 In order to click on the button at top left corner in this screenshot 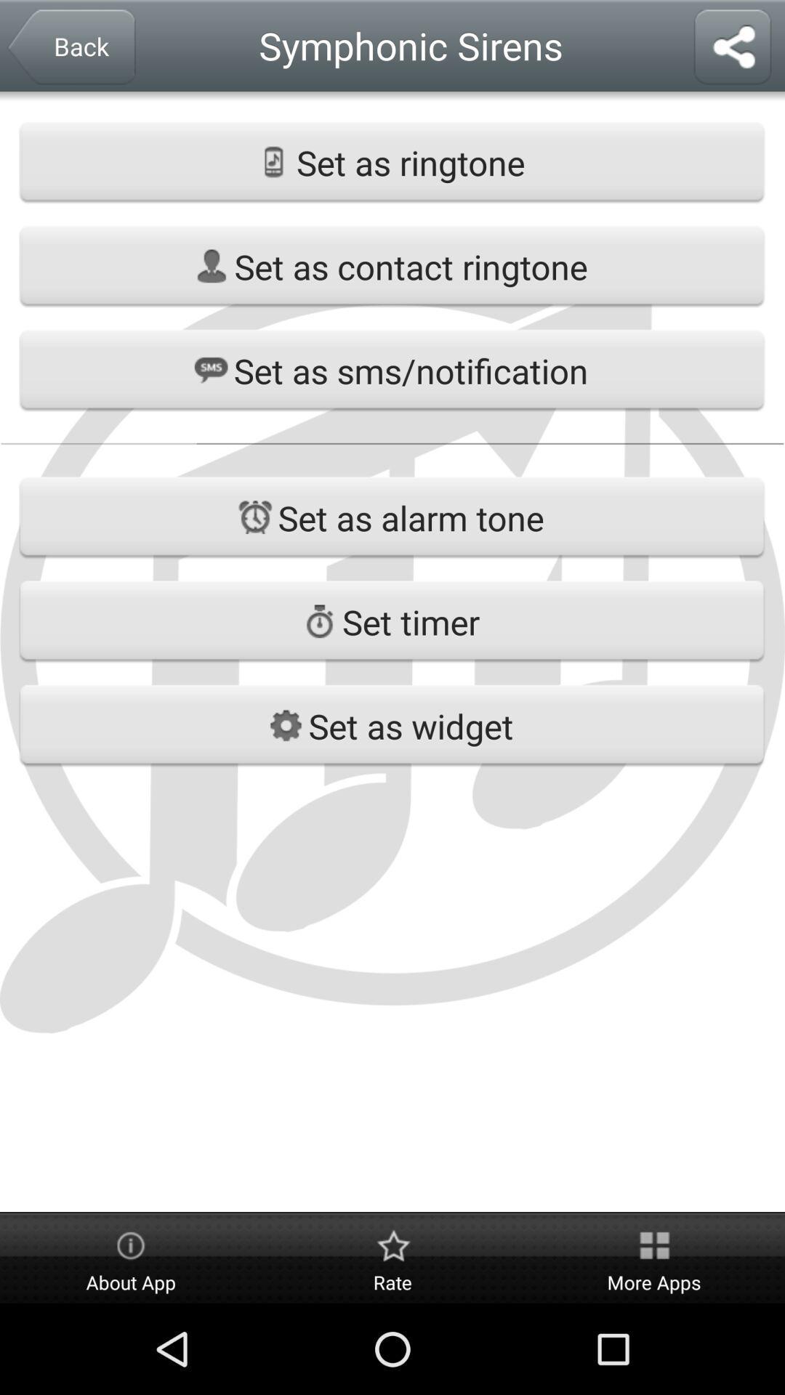, I will do `click(71, 49)`.